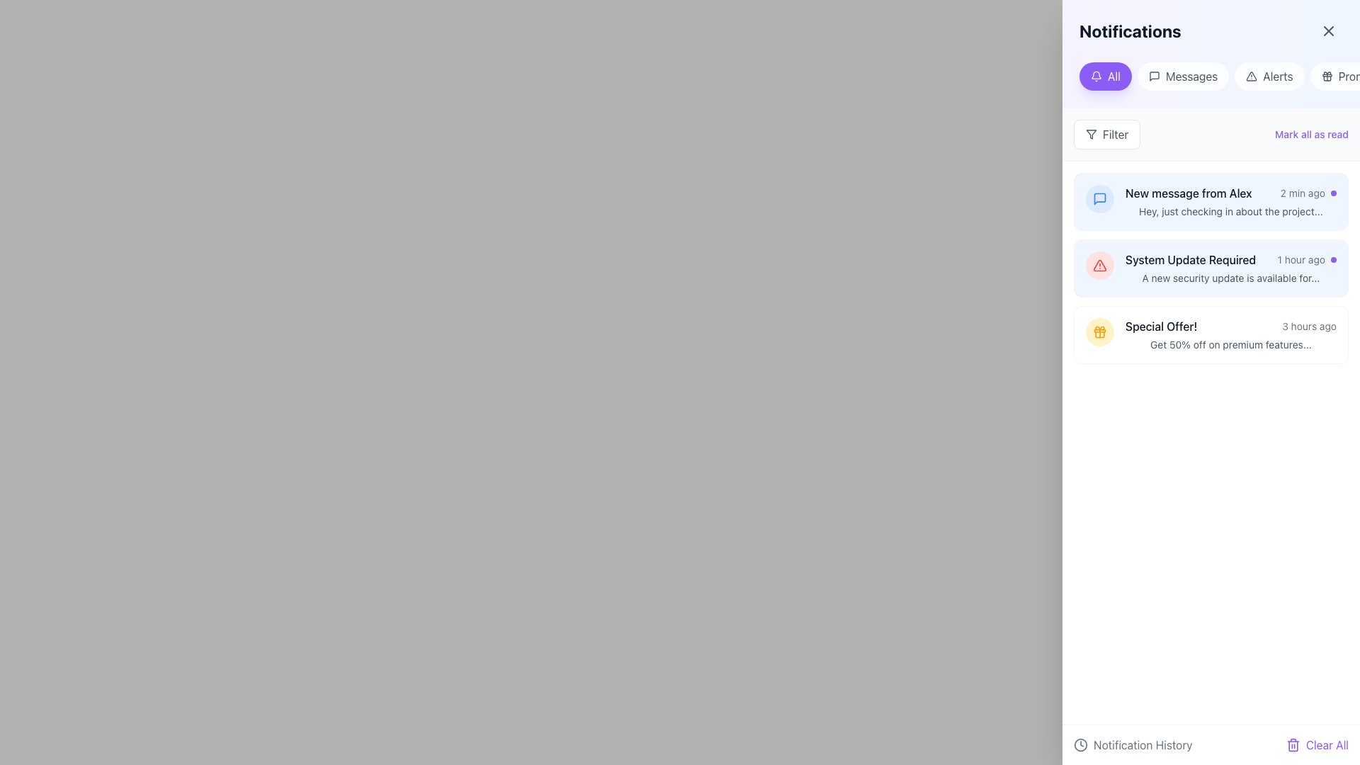  What do you see at coordinates (1268, 335) in the screenshot?
I see `the circular button with an archive box icon located` at bounding box center [1268, 335].